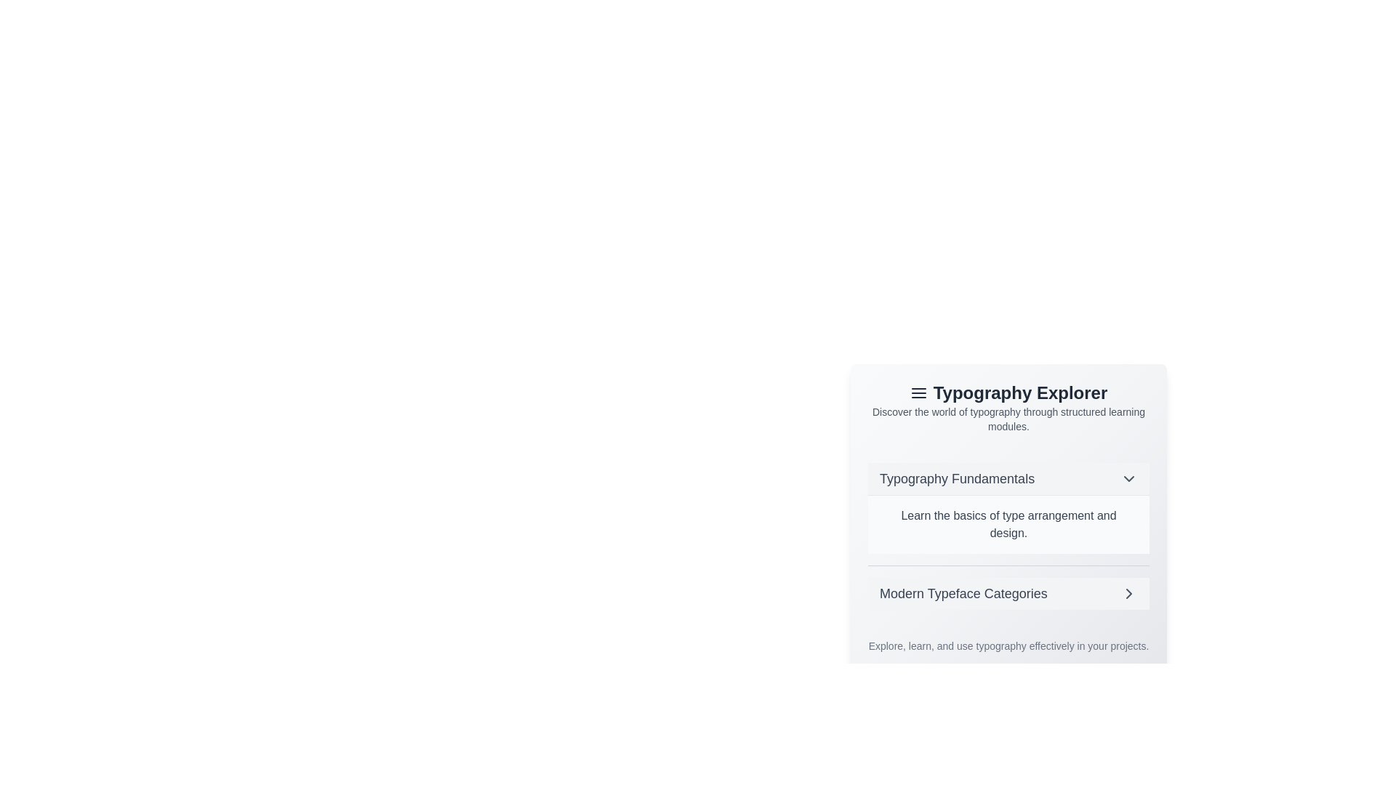 This screenshot has width=1396, height=785. I want to click on the text label for navigating to the section on modern typeface categories in the 'Typography Explorer' interface, positioned below 'Typography Fundamentals', so click(963, 594).